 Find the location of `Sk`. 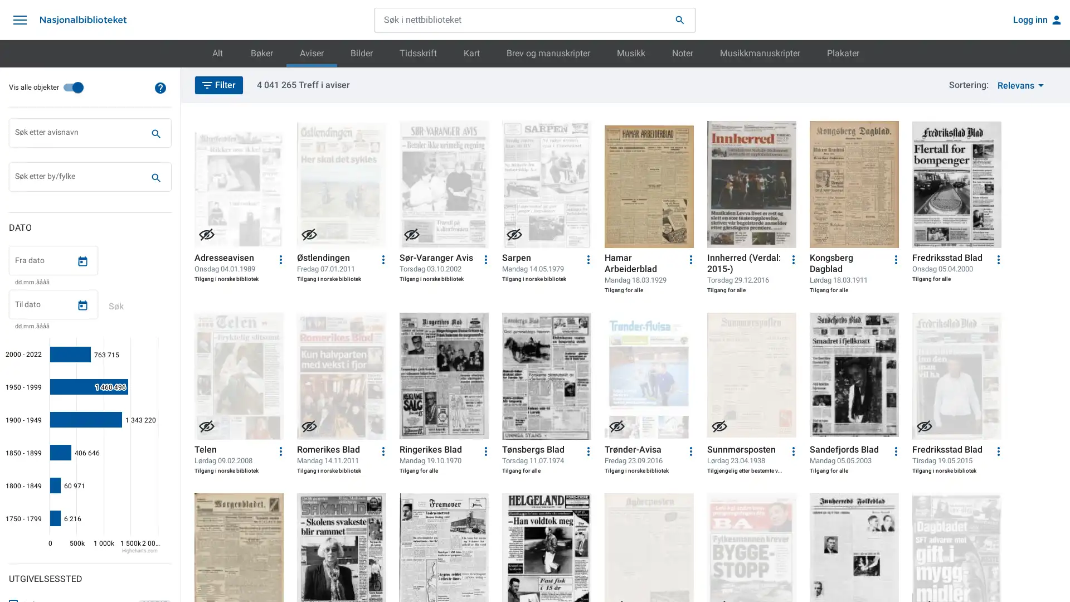

Sk is located at coordinates (115, 307).